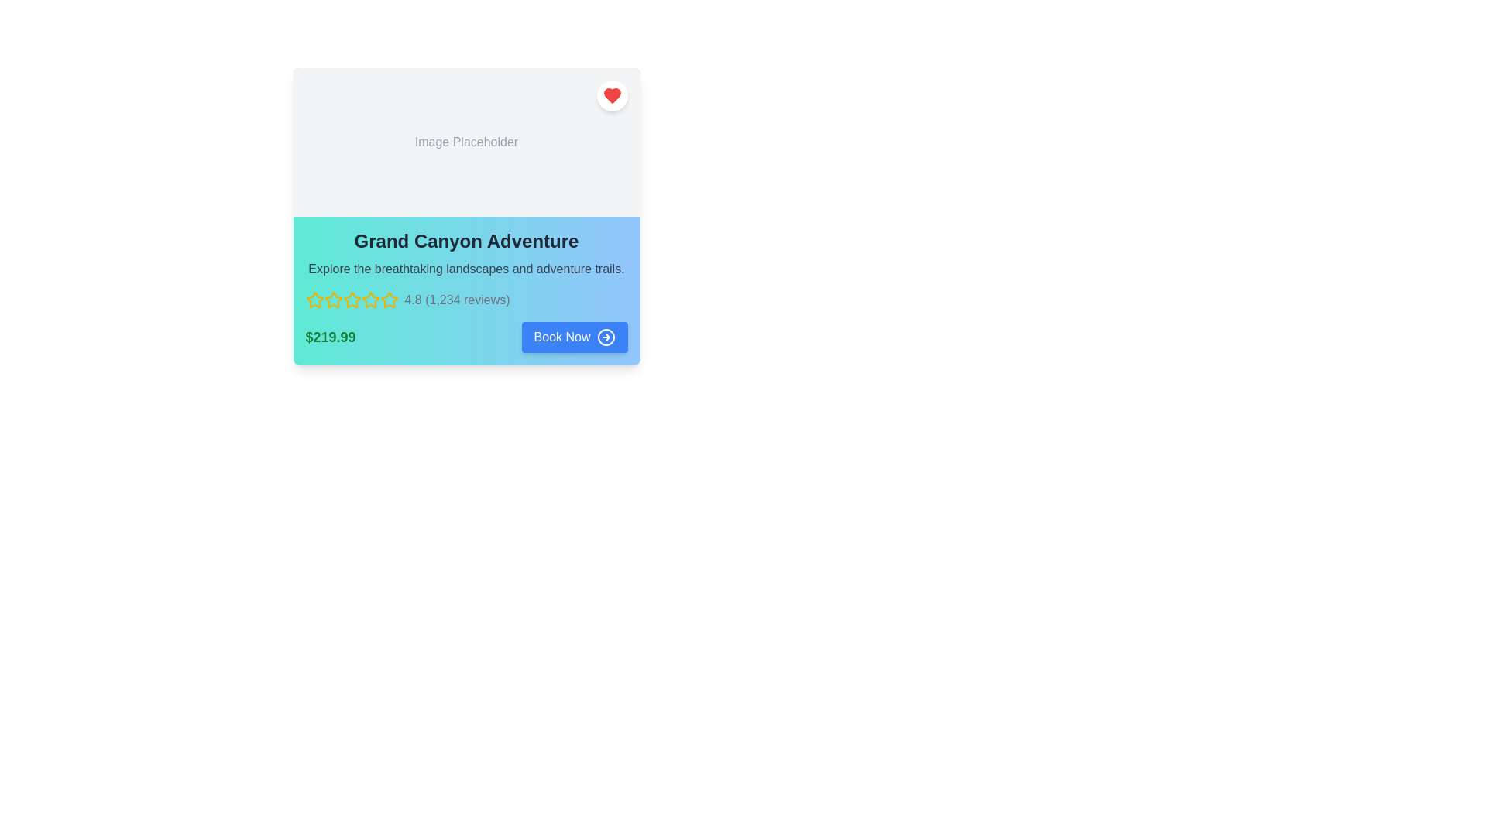 This screenshot has height=836, width=1487. Describe the element at coordinates (465, 142) in the screenshot. I see `the text label that serves as a placeholder for an image within the light-gray rectangular box at the upper region of the card layout, located above the 'Grand Canyon Adventure' title and description text area` at that location.